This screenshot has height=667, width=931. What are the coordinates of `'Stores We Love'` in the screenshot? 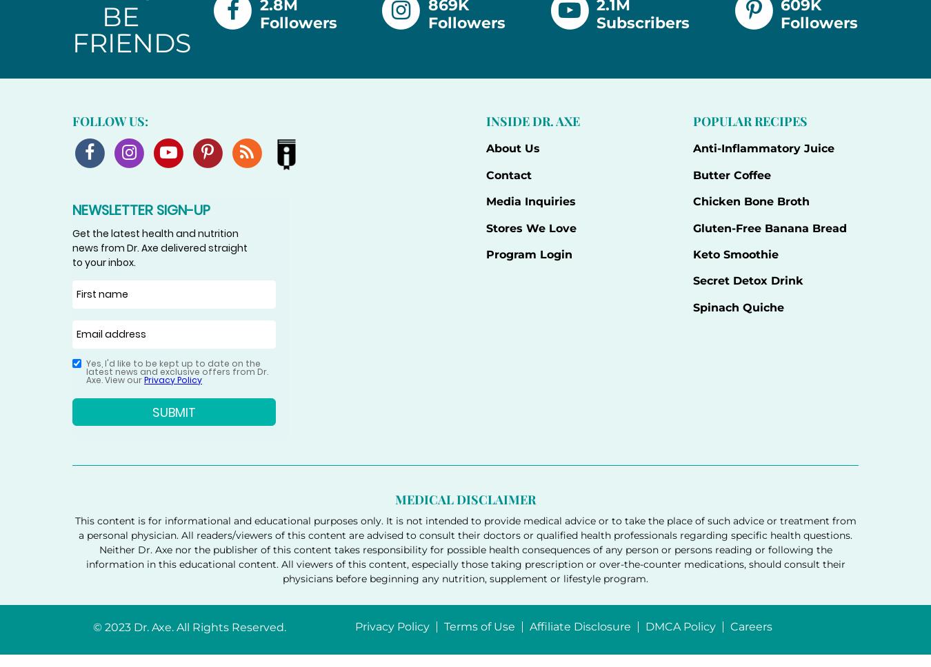 It's located at (485, 227).